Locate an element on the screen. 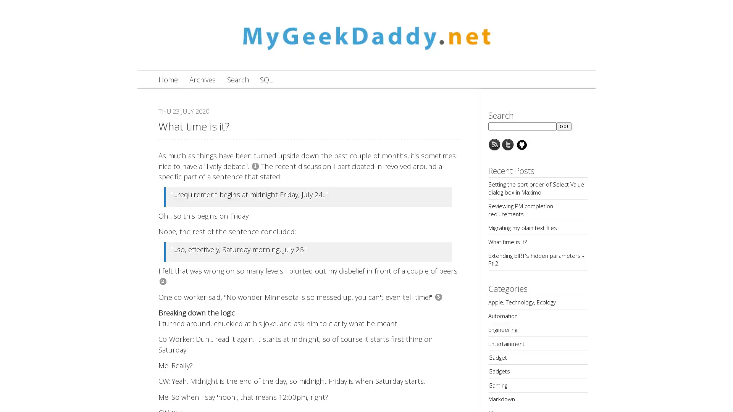 The image size is (733, 412). 3 is located at coordinates (438, 297).